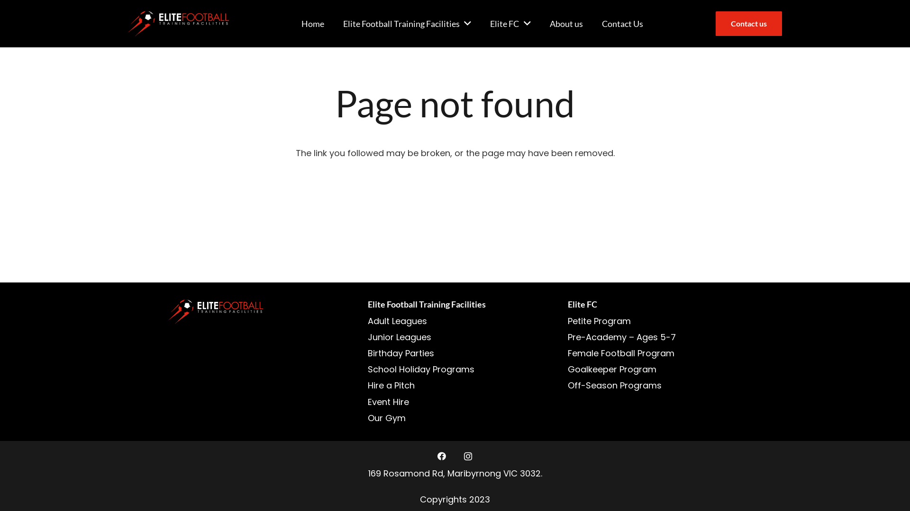 The width and height of the screenshot is (910, 511). Describe the element at coordinates (568, 385) in the screenshot. I see `'Off-Season Programs'` at that location.